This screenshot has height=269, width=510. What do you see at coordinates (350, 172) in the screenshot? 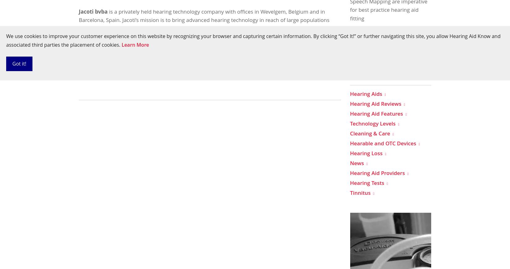
I see `'Hearing Aid Providers'` at bounding box center [350, 172].